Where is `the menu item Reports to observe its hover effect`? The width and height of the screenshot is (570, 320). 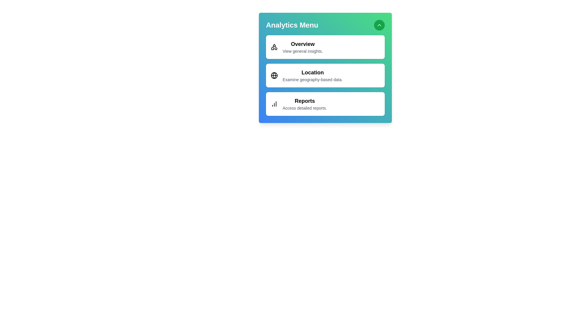
the menu item Reports to observe its hover effect is located at coordinates (325, 104).